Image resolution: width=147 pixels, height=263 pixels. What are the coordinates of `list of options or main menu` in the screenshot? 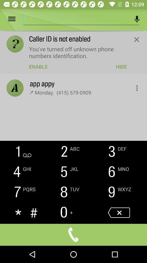 It's located at (16, 19).